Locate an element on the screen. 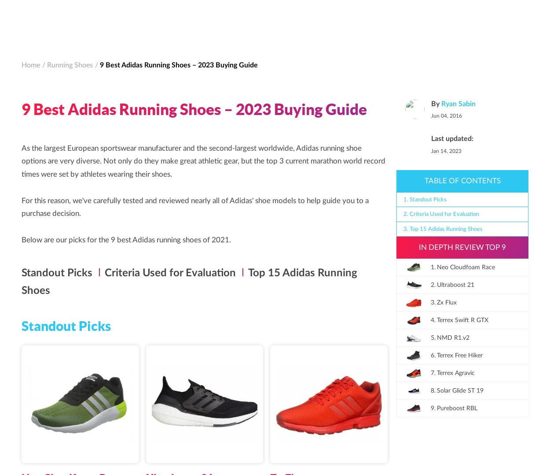 This screenshot has height=475, width=550. 'The very first thing that we noticed about this design is that it boasts a knit upper with a sock-like cuff at the ankle that resists rubbing your feet raw as you train. This soft knit material is also structured to provide you with excellent stability that is still incredibly soft and comfortable.' is located at coordinates (22, 263).